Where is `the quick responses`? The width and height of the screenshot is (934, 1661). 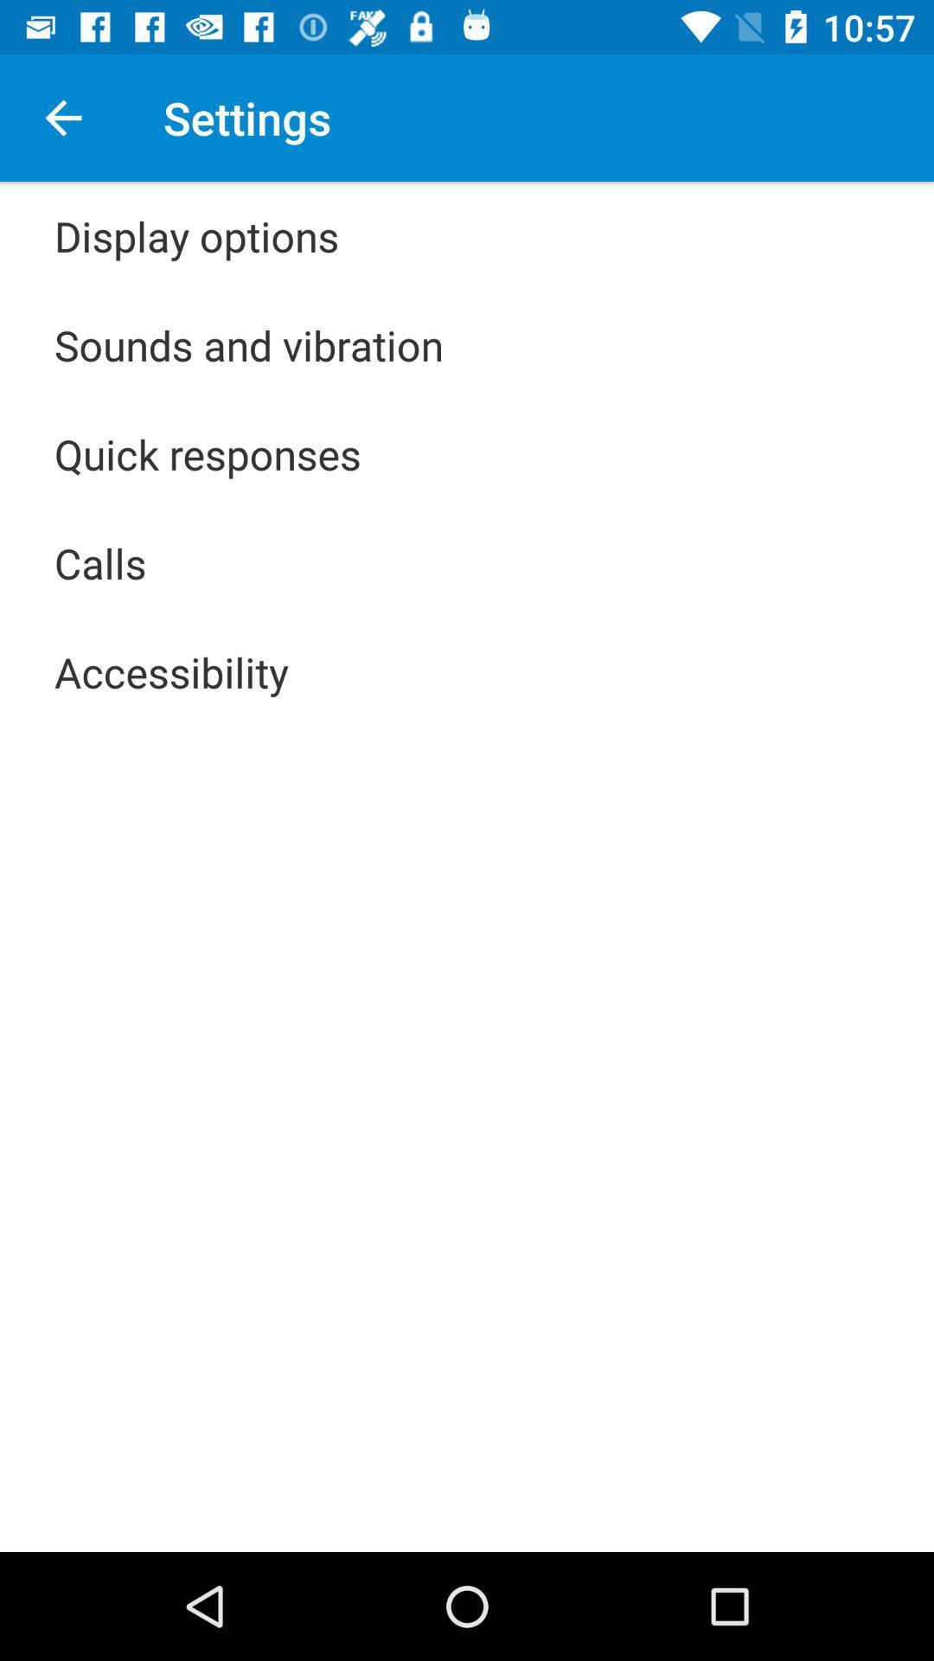
the quick responses is located at coordinates (207, 453).